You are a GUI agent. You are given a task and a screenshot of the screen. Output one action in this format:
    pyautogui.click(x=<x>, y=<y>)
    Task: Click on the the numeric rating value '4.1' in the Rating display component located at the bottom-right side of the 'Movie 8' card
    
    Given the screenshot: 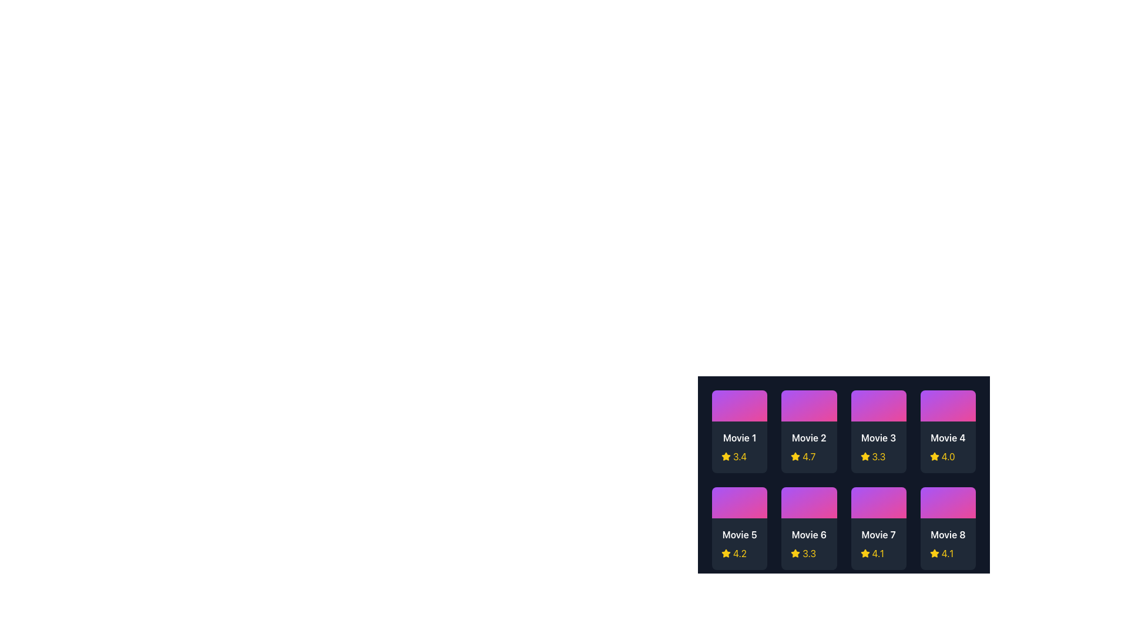 What is the action you would take?
    pyautogui.click(x=948, y=554)
    